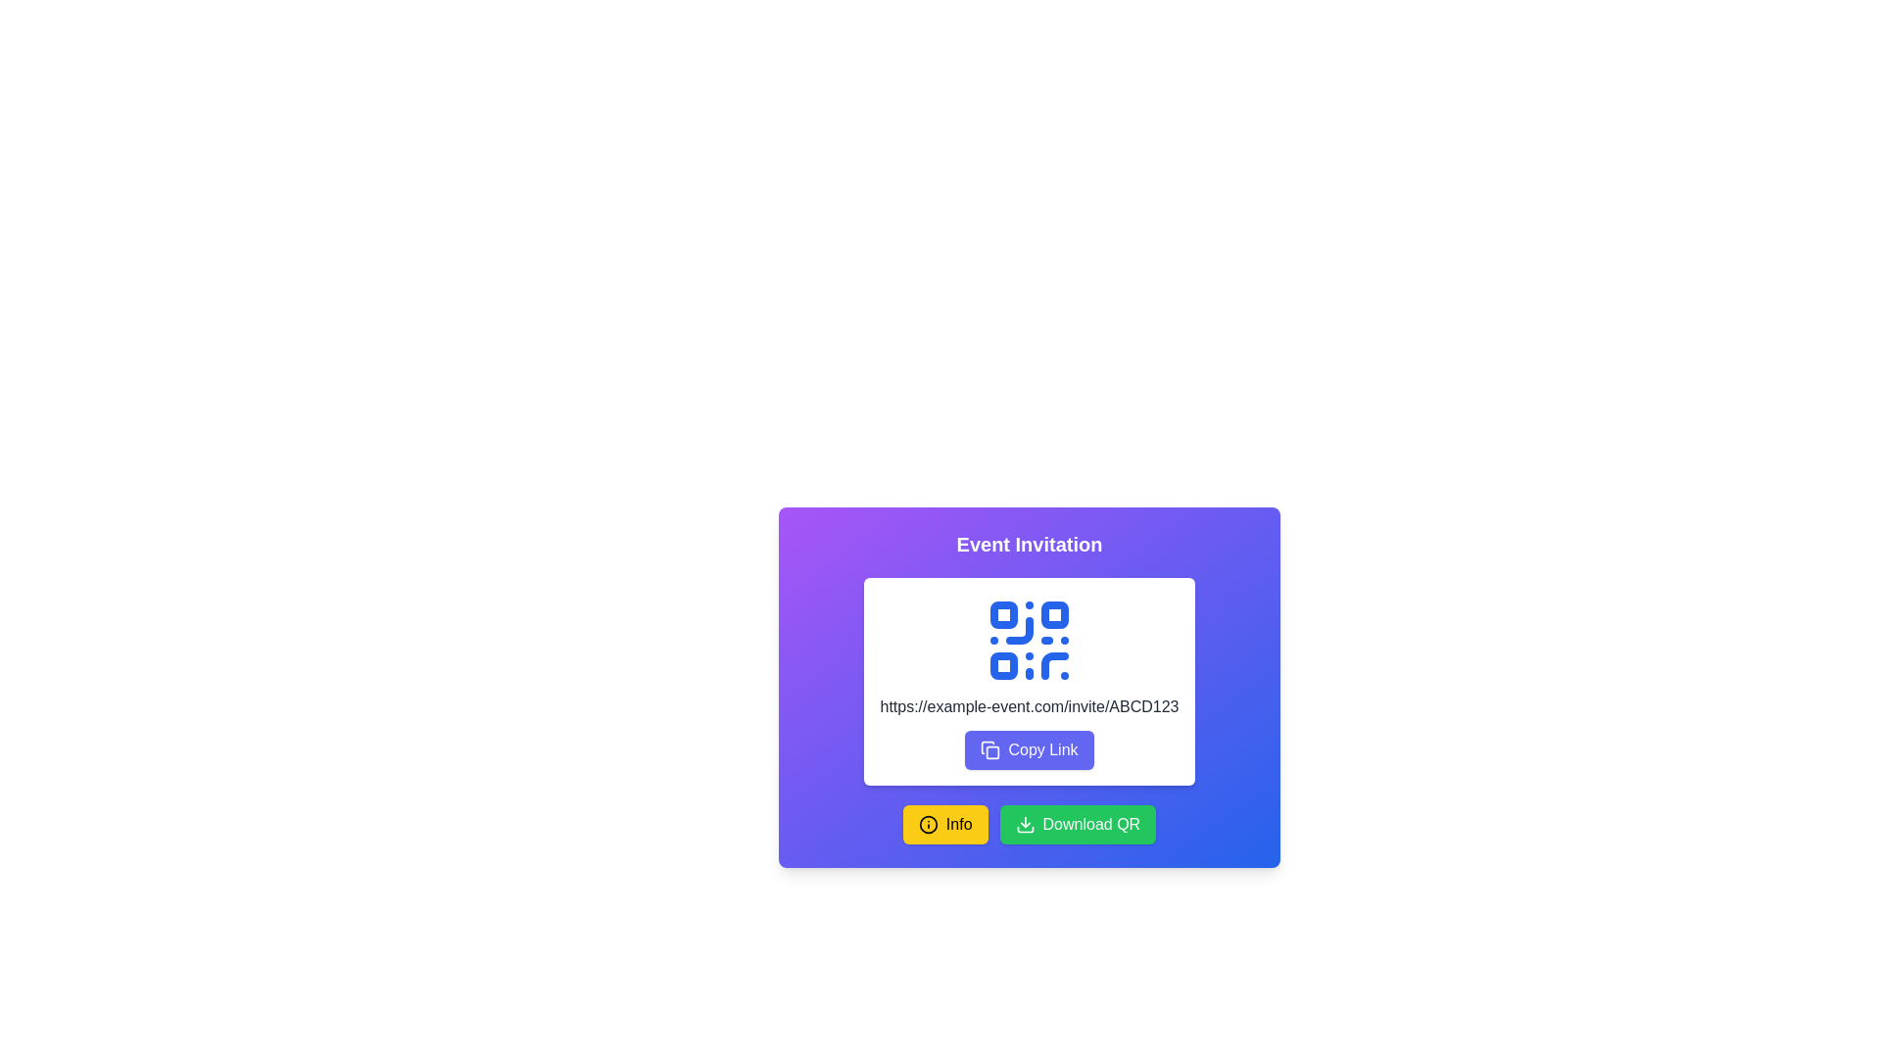 The width and height of the screenshot is (1881, 1058). I want to click on the circular informational icon with a yellow background, which is located inside the 'Info' button at the bottom of the card component, so click(927, 824).